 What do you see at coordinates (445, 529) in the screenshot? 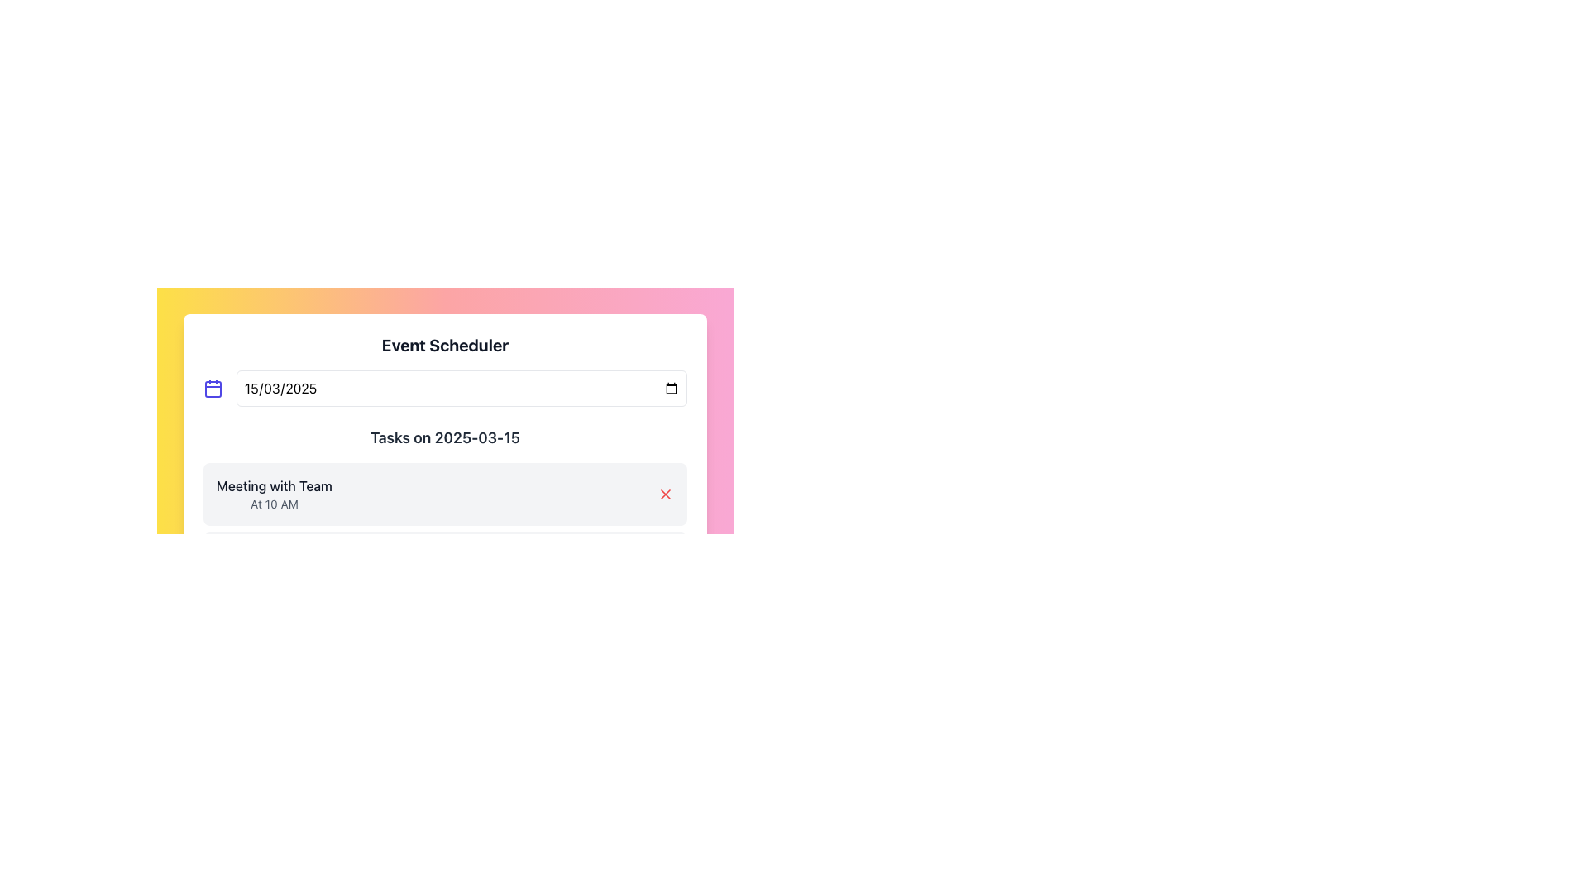
I see `the task item panel representing the meeting scheduled for '10 AM'` at bounding box center [445, 529].